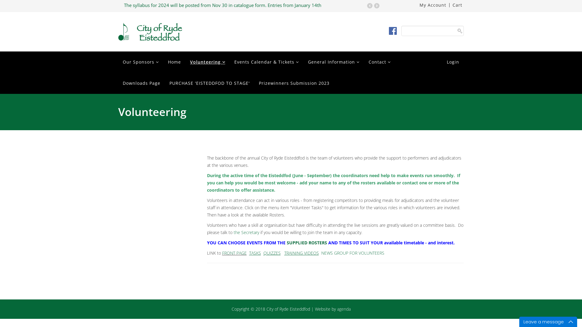 The height and width of the screenshot is (327, 582). Describe the element at coordinates (333, 62) in the screenshot. I see `'General Information'` at that location.